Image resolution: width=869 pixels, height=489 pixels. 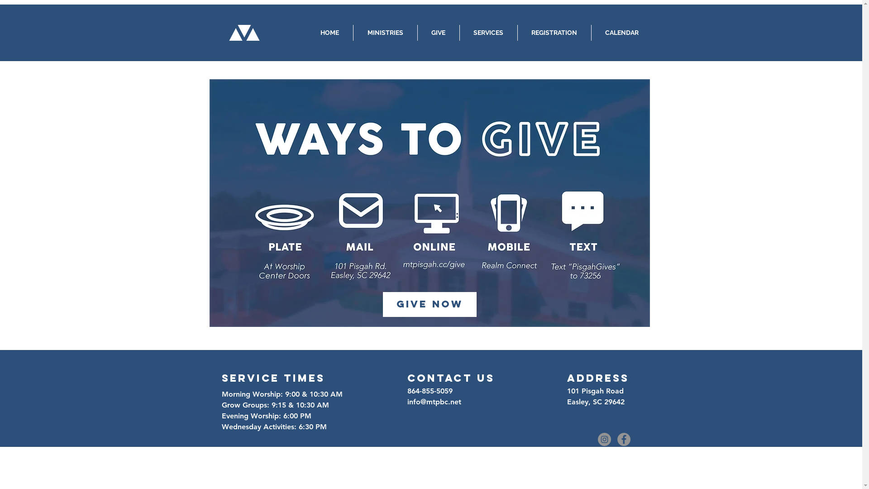 What do you see at coordinates (434, 401) in the screenshot?
I see `'info@mtpbc.net'` at bounding box center [434, 401].